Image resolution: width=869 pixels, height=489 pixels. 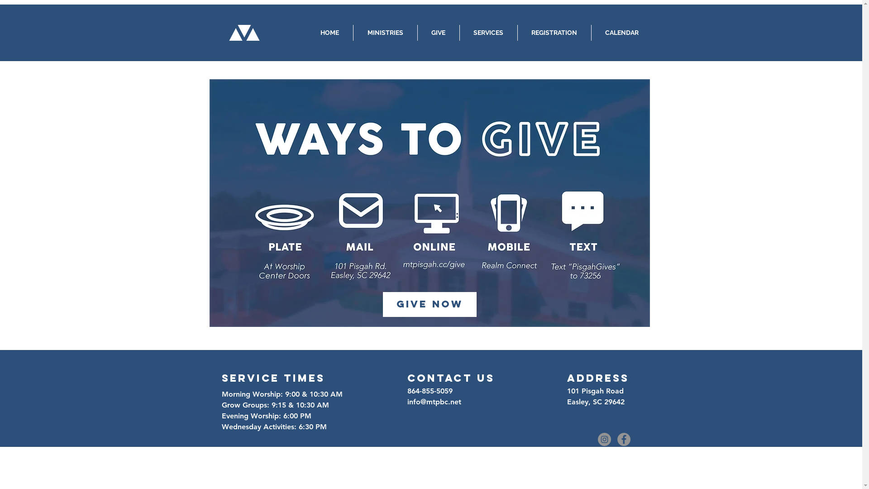 What do you see at coordinates (434, 401) in the screenshot?
I see `'info@mtpbc.net'` at bounding box center [434, 401].